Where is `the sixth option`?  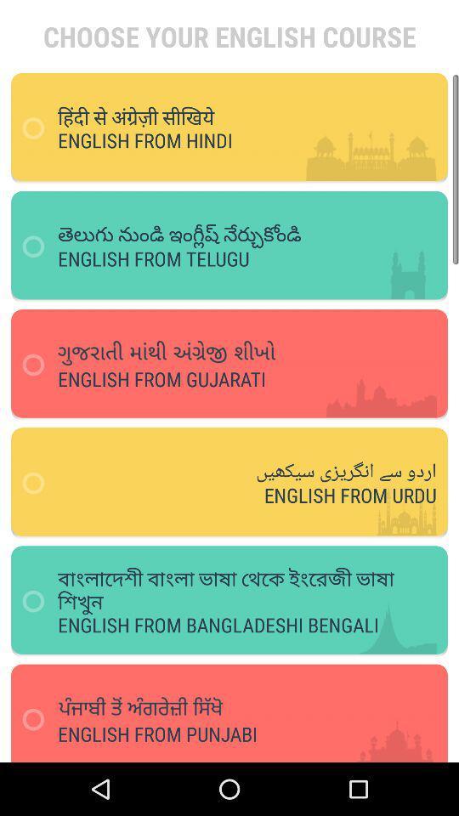
the sixth option is located at coordinates (235, 706).